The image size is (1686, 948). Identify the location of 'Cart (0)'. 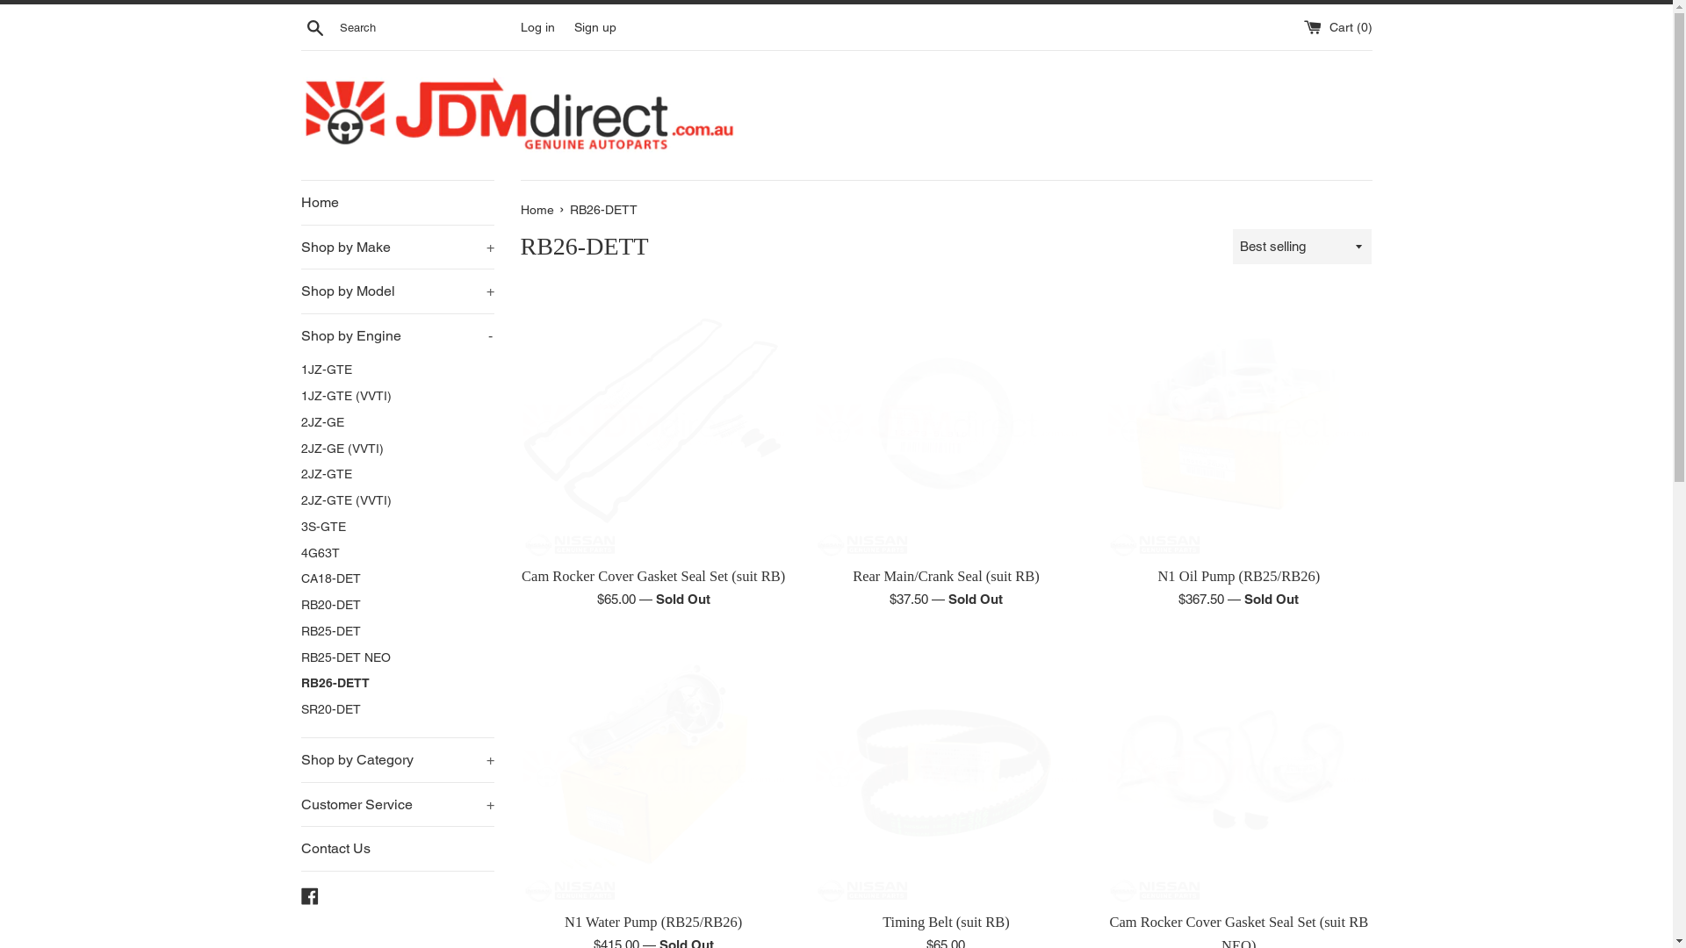
(1336, 26).